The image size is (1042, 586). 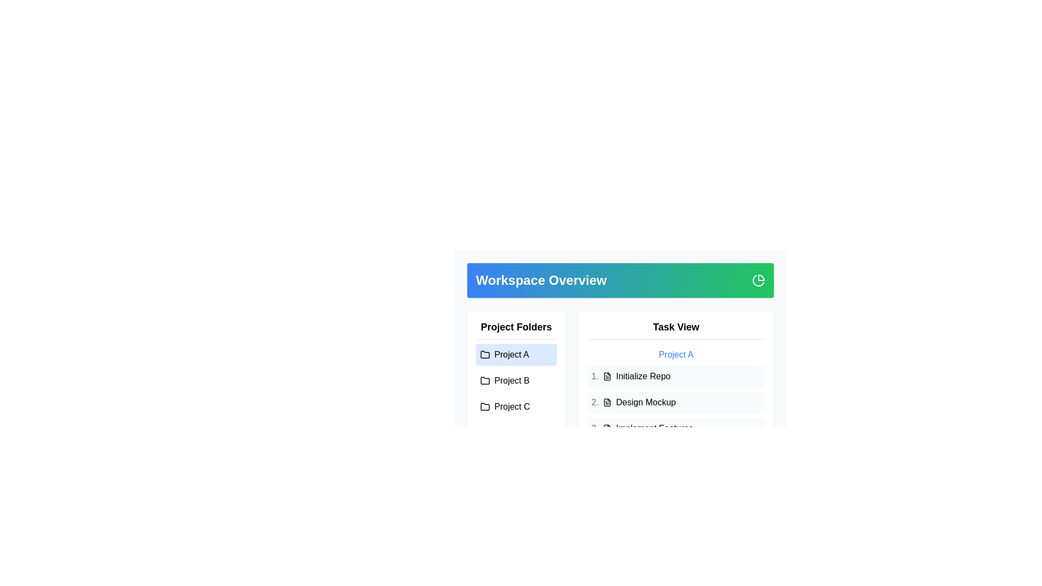 What do you see at coordinates (484, 406) in the screenshot?
I see `the style of the folder icon representing 'Project C' located under the 'Project Folders' section, positioned in the bottom-left corner of the main interface` at bounding box center [484, 406].